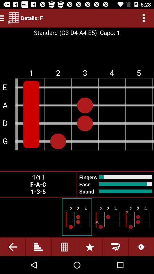 This screenshot has width=154, height=274. Describe the element at coordinates (3, 18) in the screenshot. I see `the menu icon` at that location.